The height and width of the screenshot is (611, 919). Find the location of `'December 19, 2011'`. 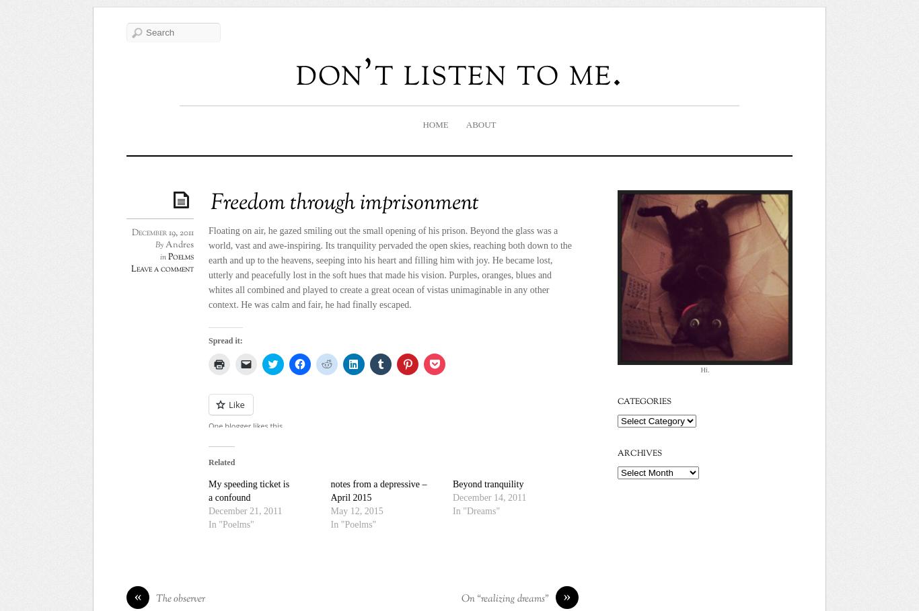

'December 19, 2011' is located at coordinates (131, 233).